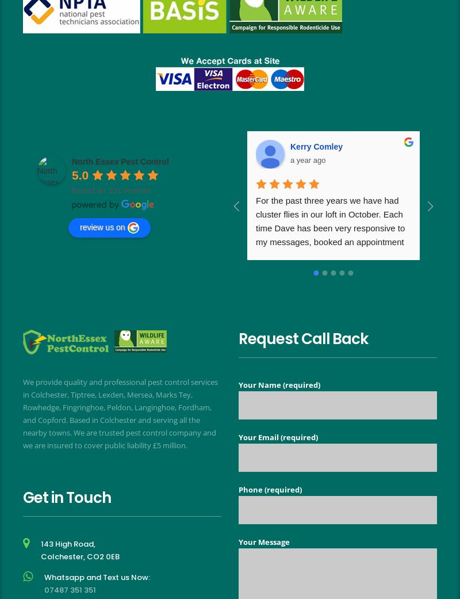 This screenshot has height=599, width=460. What do you see at coordinates (333, 254) in the screenshot?
I see `'For the past three years we have had cluster flies in our loft in October. Each time Dave has been very responsive to my messages, booked an appointment for me within the next couple of days and eradicated the problem very quickly. Very reasonable fees too. I’d definitely recommend and will be using Dave again next year when the flies return!'` at bounding box center [333, 254].